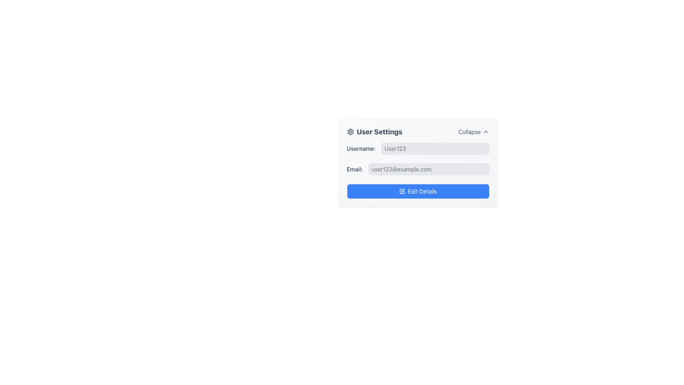  Describe the element at coordinates (402, 191) in the screenshot. I see `the first segment of the SVG icon that represents an interactive feature associated with the 'Edit Details' button in the settings section` at that location.